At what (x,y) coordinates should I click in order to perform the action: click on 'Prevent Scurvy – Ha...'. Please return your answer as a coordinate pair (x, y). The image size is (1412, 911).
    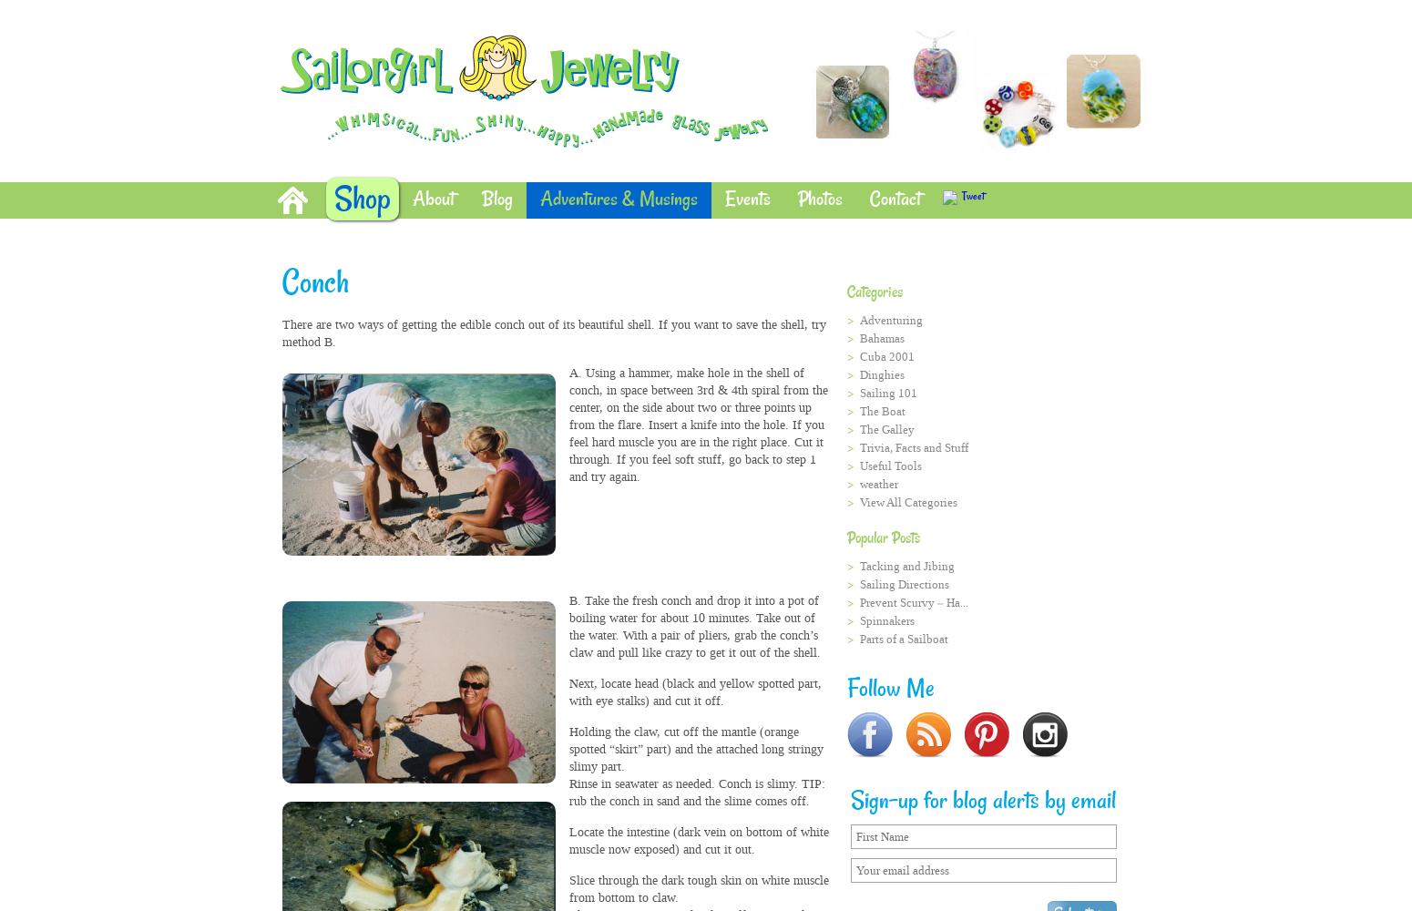
    Looking at the image, I should click on (858, 602).